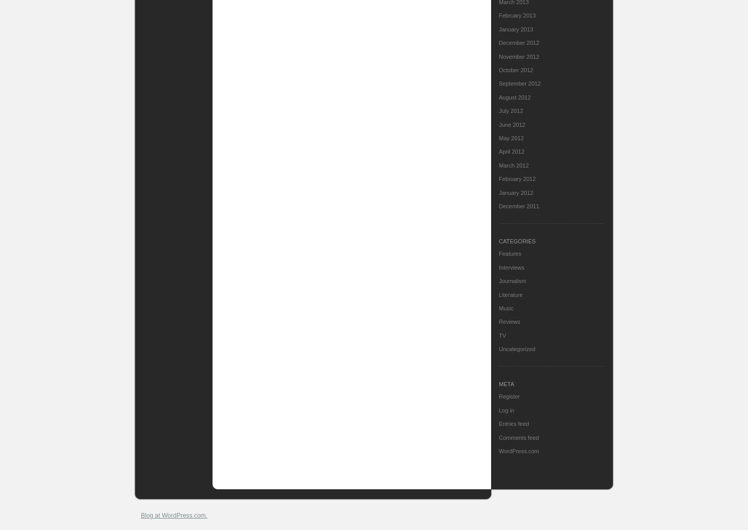 Image resolution: width=748 pixels, height=530 pixels. Describe the element at coordinates (519, 451) in the screenshot. I see `'WordPress.com'` at that location.